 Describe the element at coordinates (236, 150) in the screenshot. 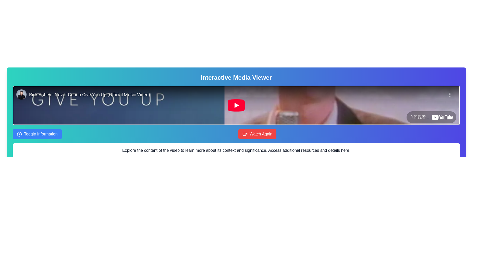

I see `the informational text block that contains the message about exploring video content` at that location.